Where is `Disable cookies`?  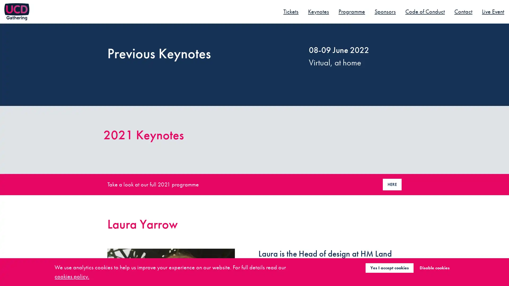 Disable cookies is located at coordinates (434, 267).